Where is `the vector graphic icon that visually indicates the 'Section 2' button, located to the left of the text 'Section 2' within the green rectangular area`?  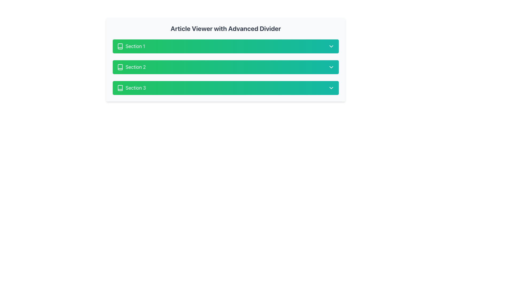
the vector graphic icon that visually indicates the 'Section 2' button, located to the left of the text 'Section 2' within the green rectangular area is located at coordinates (120, 67).